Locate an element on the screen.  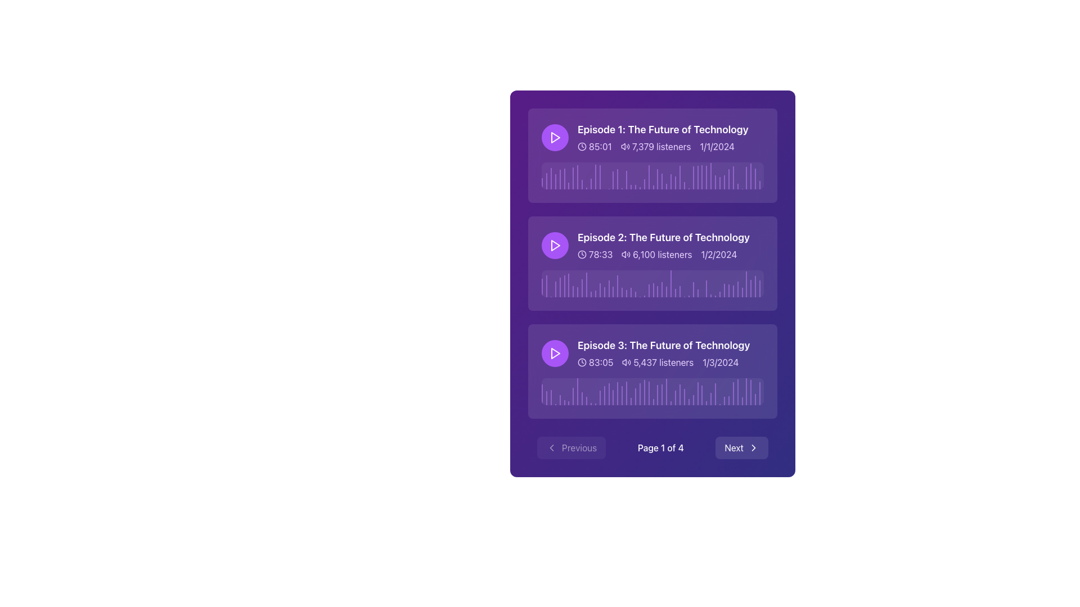
the visual indicator (progress bar) which is a narrow vertical bar, partially transparent purple, located at the bottom of the third card in a vertical list of podcast episodes is located at coordinates (542, 394).